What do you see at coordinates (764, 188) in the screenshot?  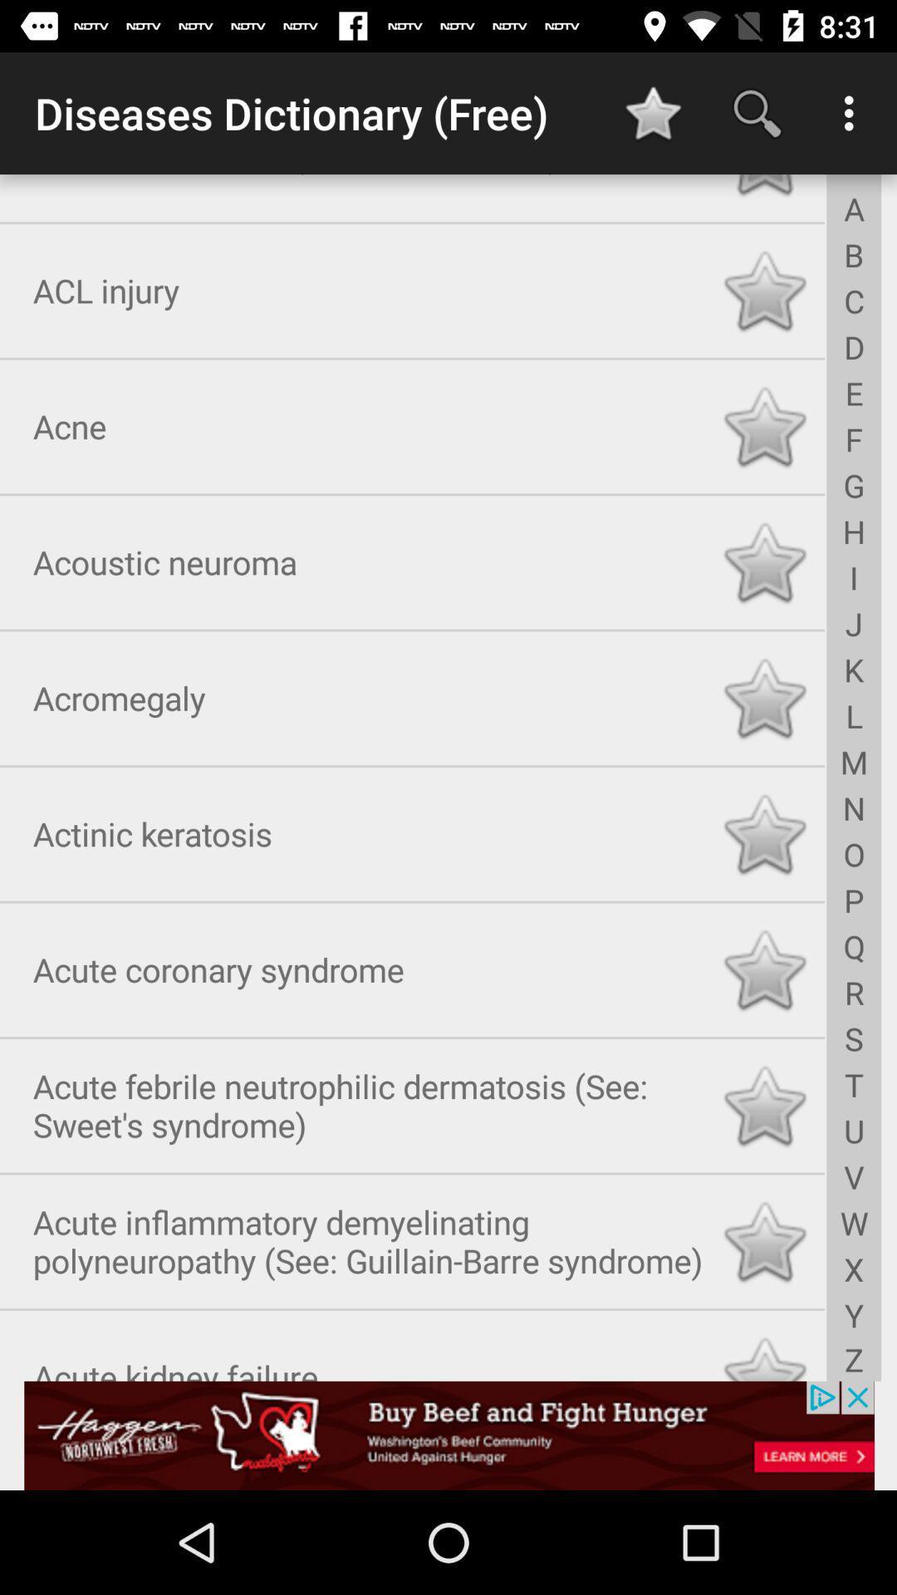 I see `go back` at bounding box center [764, 188].